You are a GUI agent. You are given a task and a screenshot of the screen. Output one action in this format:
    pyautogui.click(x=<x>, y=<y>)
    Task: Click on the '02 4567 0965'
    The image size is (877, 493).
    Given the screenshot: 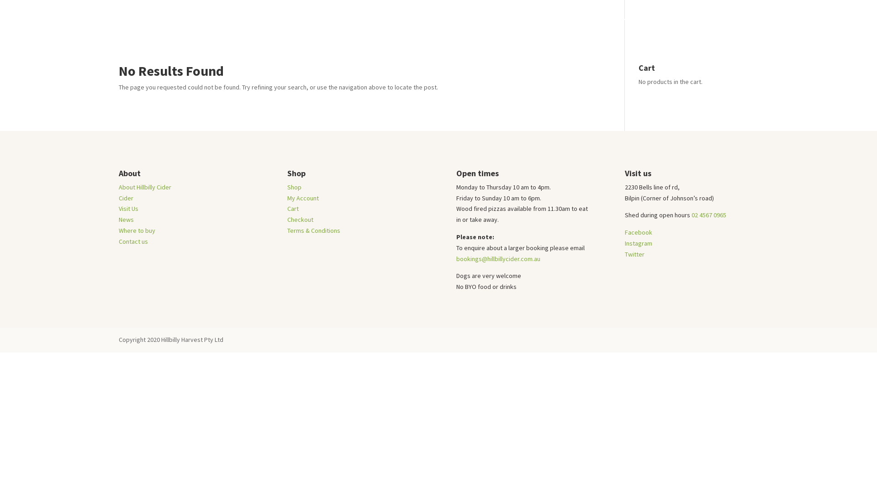 What is the action you would take?
    pyautogui.click(x=708, y=215)
    